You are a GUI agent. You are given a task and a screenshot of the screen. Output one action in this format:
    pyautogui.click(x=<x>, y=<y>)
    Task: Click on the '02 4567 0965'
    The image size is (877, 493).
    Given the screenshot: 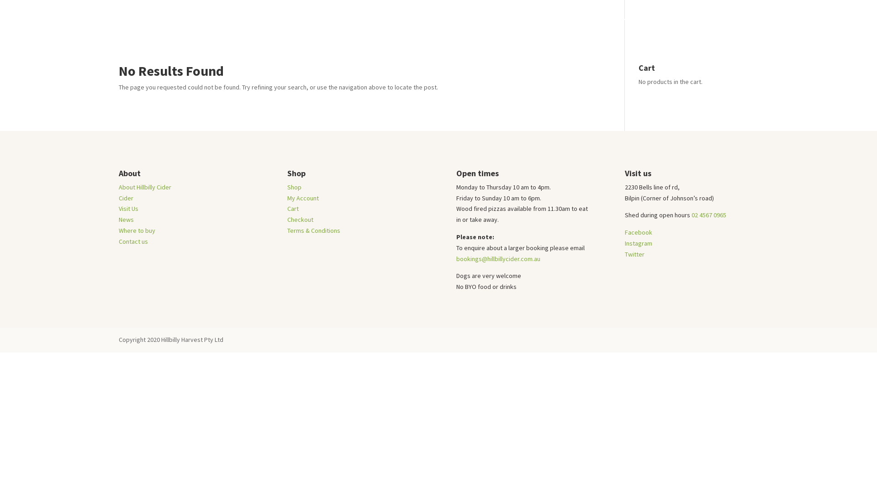 What is the action you would take?
    pyautogui.click(x=708, y=215)
    